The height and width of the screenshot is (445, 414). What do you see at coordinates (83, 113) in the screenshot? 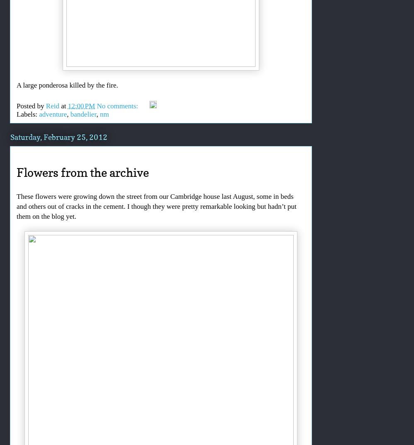
I see `'bandelier'` at bounding box center [83, 113].